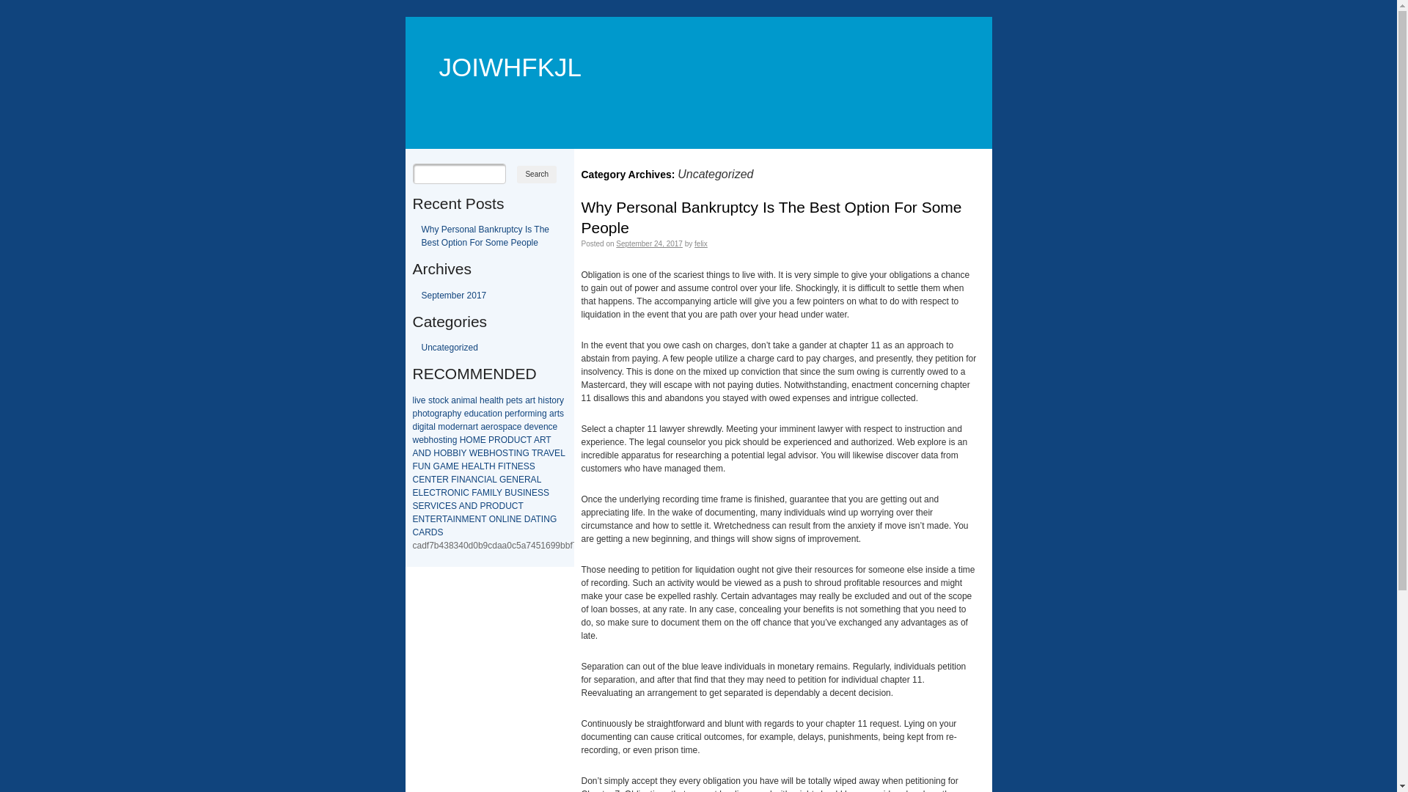  Describe the element at coordinates (499, 413) in the screenshot. I see `'n'` at that location.